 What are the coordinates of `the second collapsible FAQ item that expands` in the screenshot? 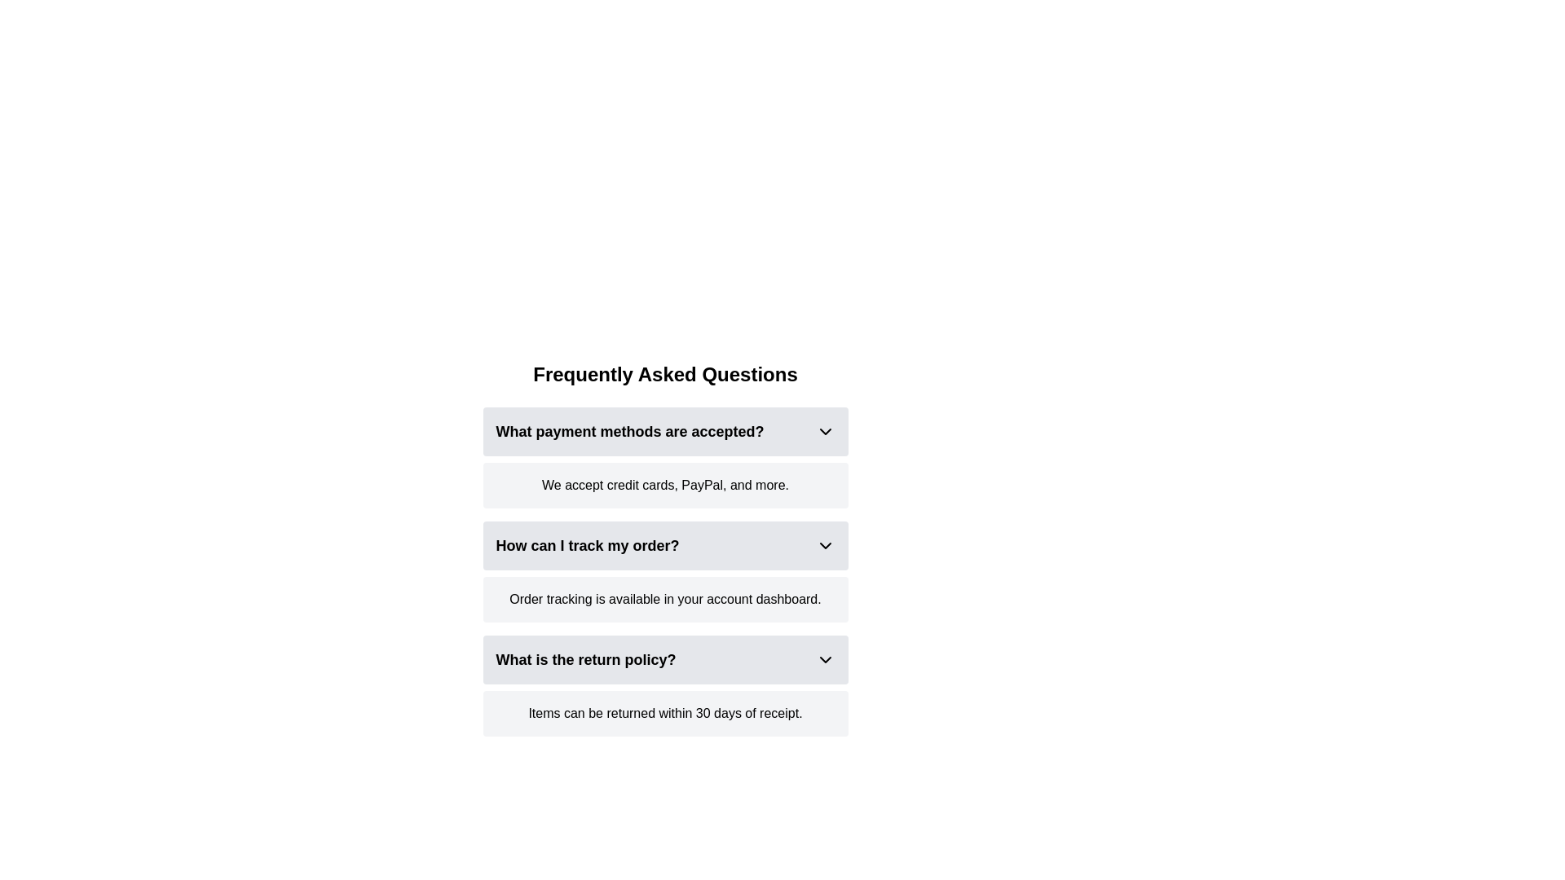 It's located at (665, 546).